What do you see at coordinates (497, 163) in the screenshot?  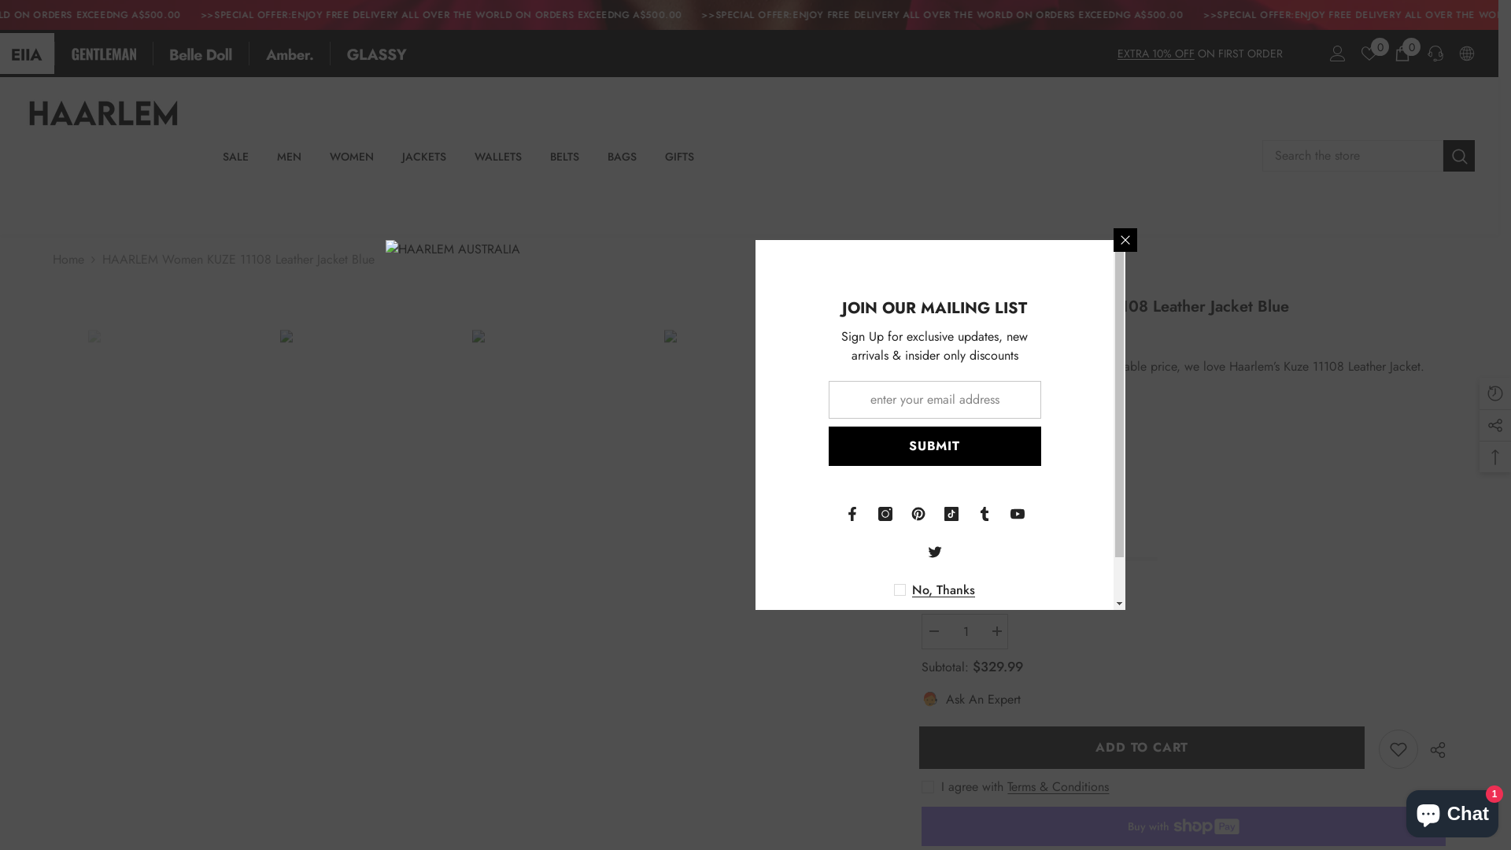 I see `'WALLETS'` at bounding box center [497, 163].